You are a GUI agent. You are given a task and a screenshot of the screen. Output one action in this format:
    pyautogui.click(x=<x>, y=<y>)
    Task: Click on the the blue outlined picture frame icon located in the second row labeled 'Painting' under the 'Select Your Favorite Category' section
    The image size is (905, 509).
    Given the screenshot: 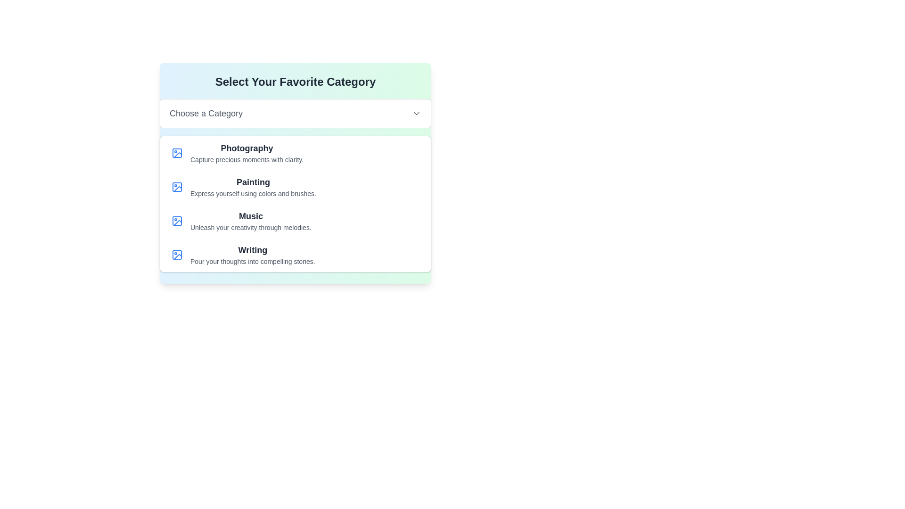 What is the action you would take?
    pyautogui.click(x=177, y=187)
    